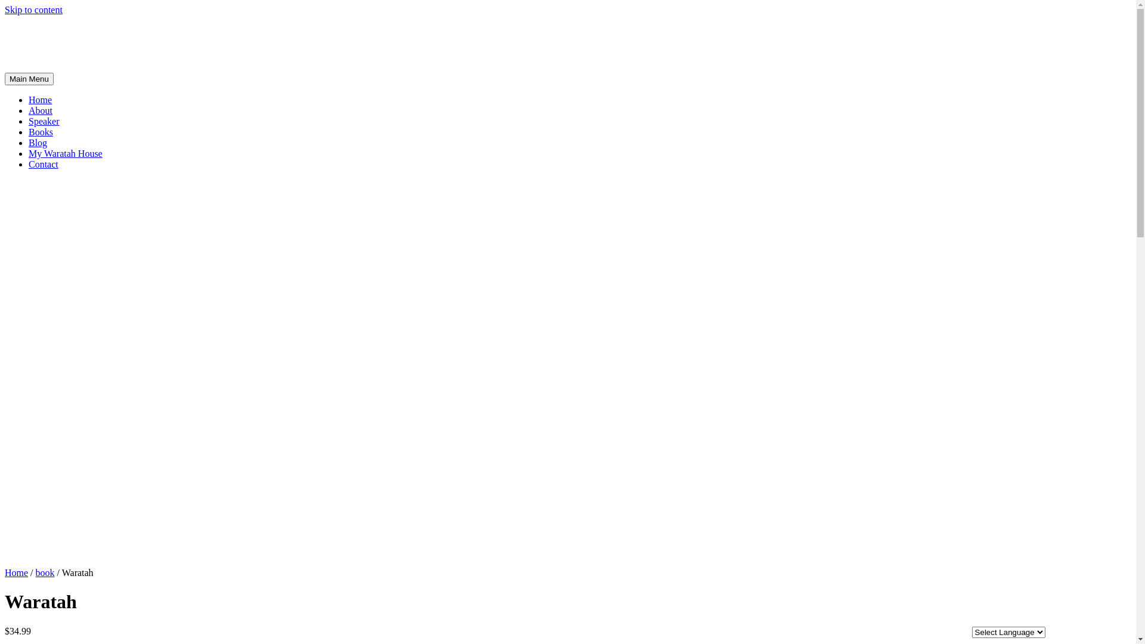 Image resolution: width=1145 pixels, height=644 pixels. What do you see at coordinates (45, 572) in the screenshot?
I see `'book'` at bounding box center [45, 572].